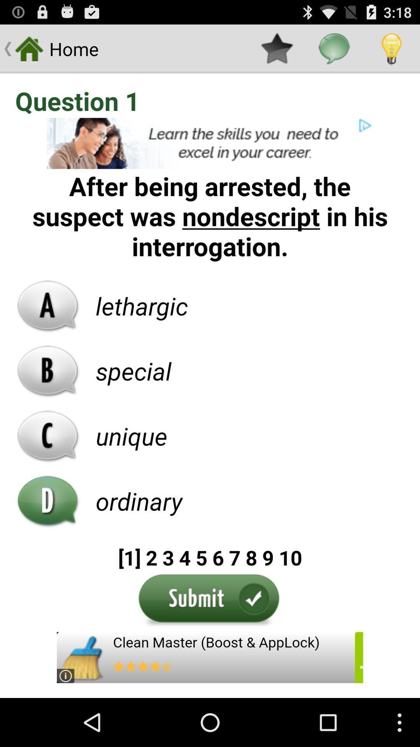 The height and width of the screenshot is (747, 420). What do you see at coordinates (48, 327) in the screenshot?
I see `the navigation icon` at bounding box center [48, 327].